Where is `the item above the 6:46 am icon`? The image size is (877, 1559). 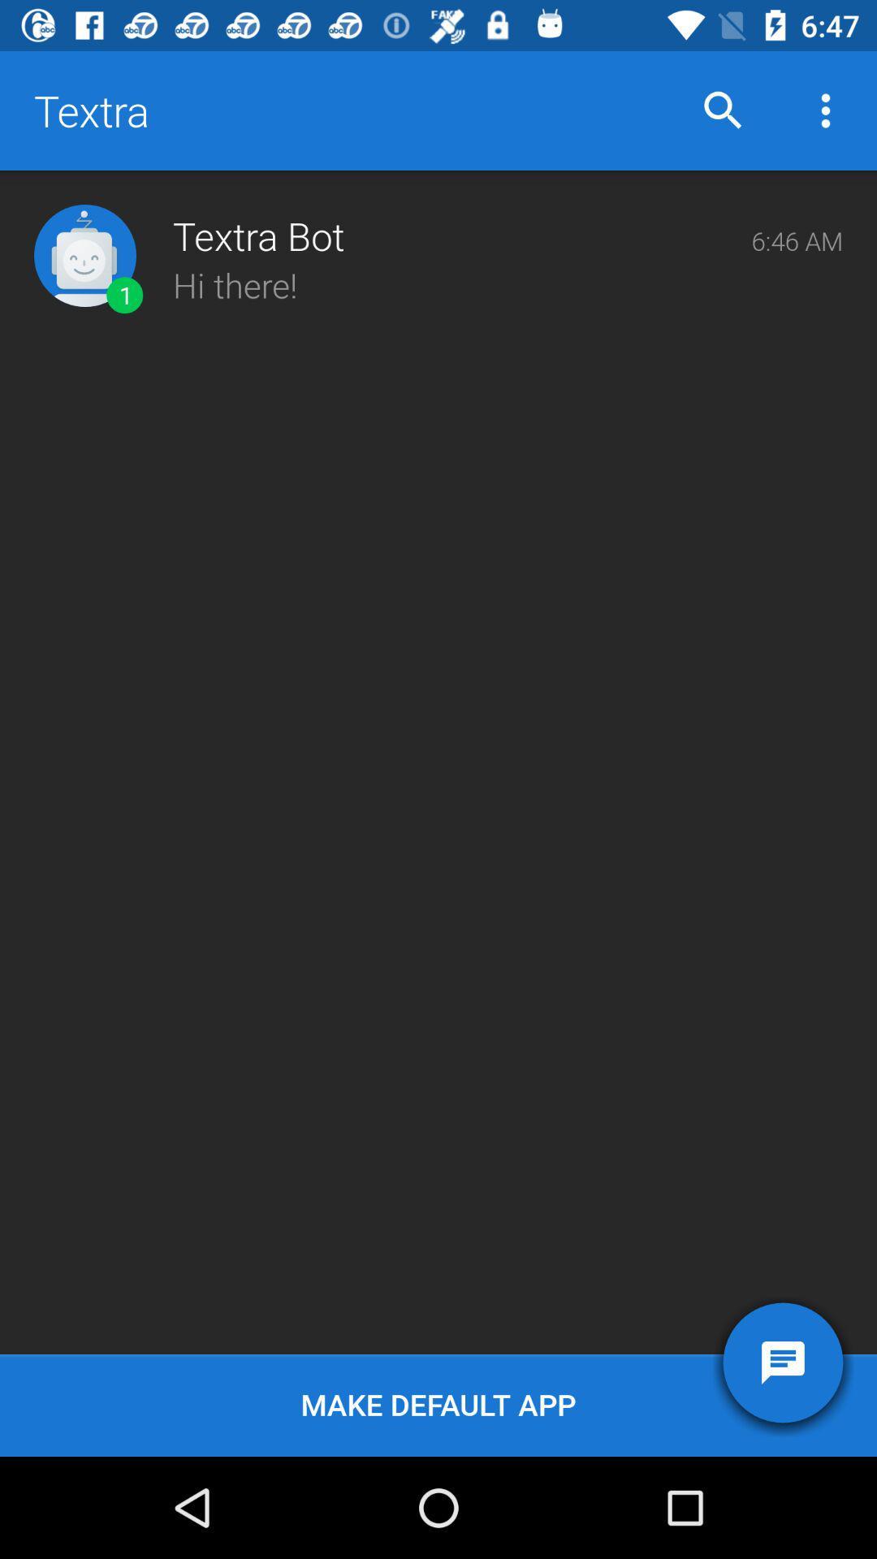
the item above the 6:46 am icon is located at coordinates (826, 110).